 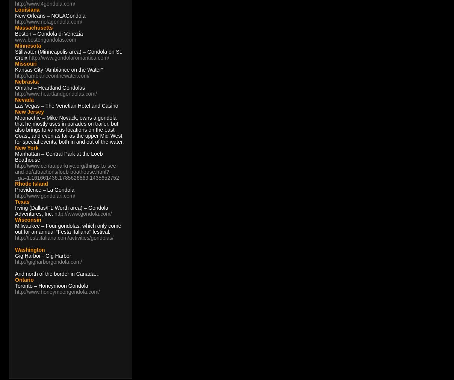 I want to click on 'New Jersey', so click(x=29, y=111).